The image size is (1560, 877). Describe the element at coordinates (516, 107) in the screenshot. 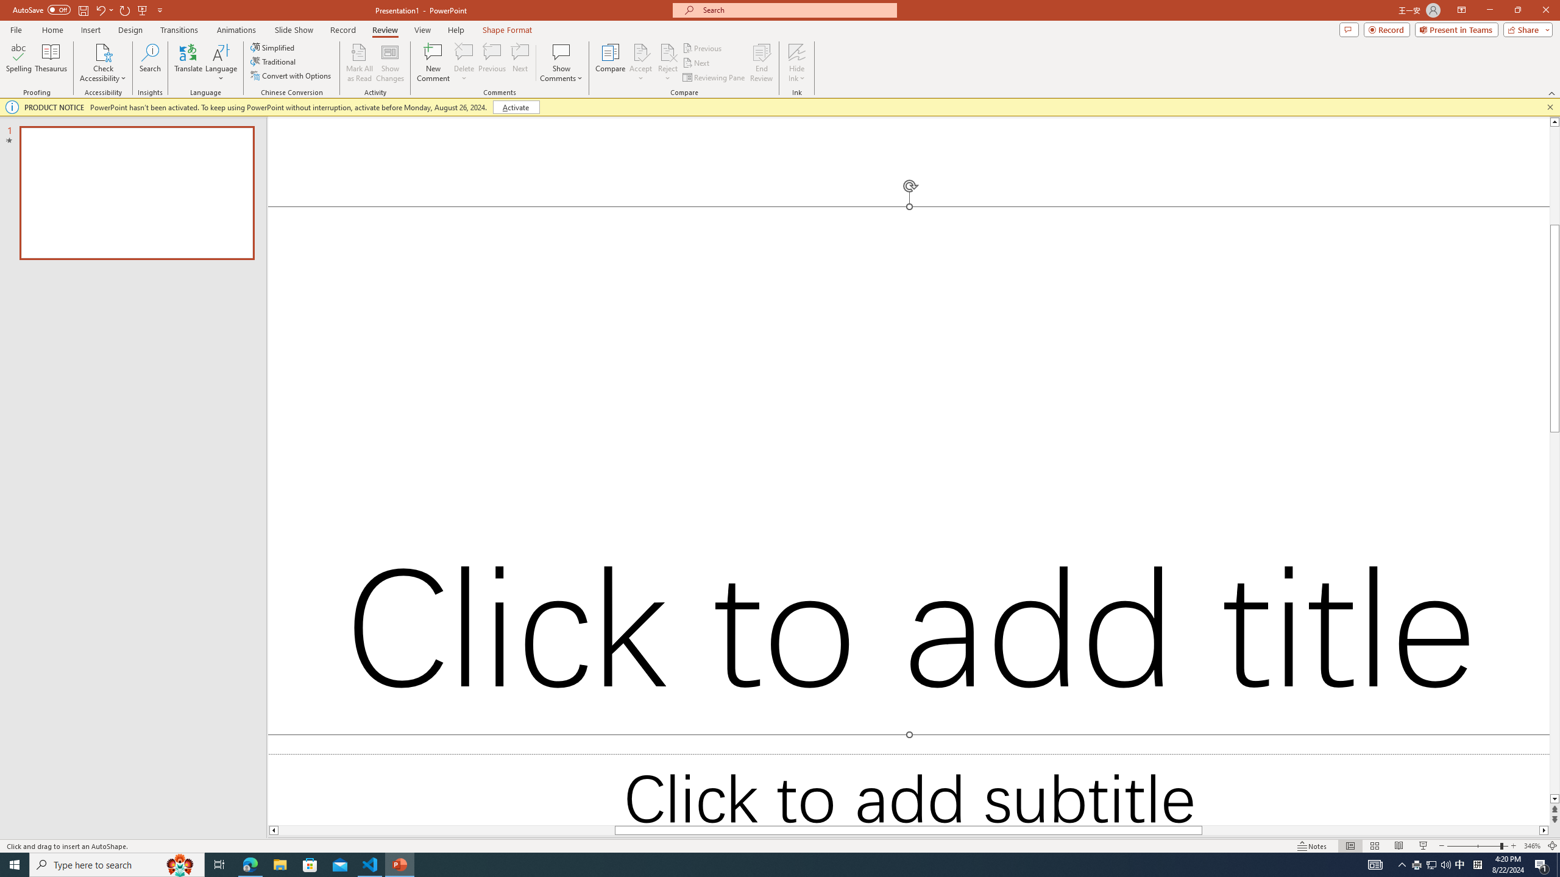

I see `'Activate'` at that location.